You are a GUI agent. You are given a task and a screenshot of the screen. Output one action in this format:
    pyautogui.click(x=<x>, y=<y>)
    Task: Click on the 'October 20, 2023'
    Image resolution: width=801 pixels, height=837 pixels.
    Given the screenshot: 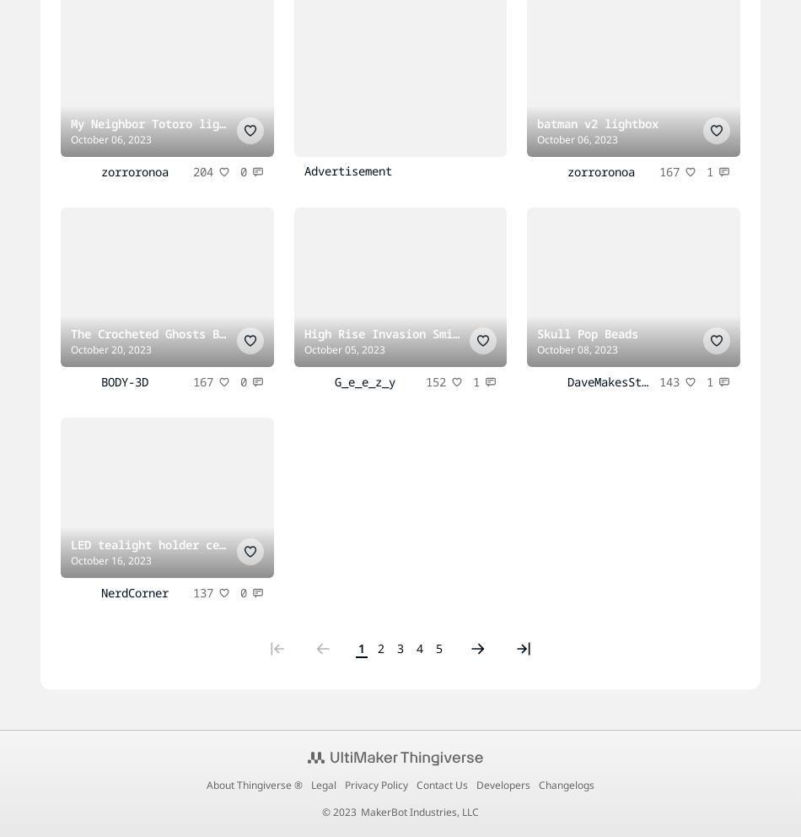 What is the action you would take?
    pyautogui.click(x=110, y=348)
    